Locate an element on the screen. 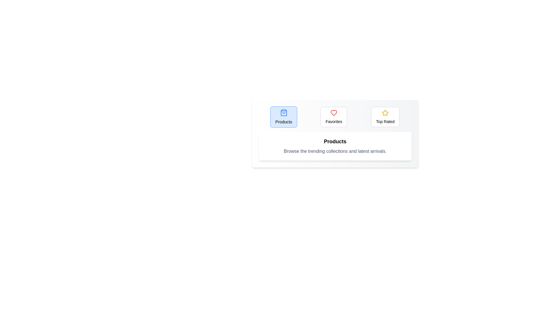 This screenshot has height=312, width=555. the Favorites tab to display its content is located at coordinates (334, 117).